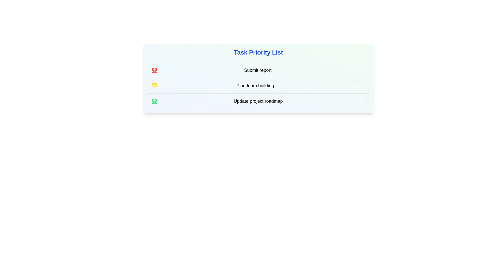 Image resolution: width=487 pixels, height=274 pixels. What do you see at coordinates (255, 85) in the screenshot?
I see `the task title corresponding to Plan team building` at bounding box center [255, 85].